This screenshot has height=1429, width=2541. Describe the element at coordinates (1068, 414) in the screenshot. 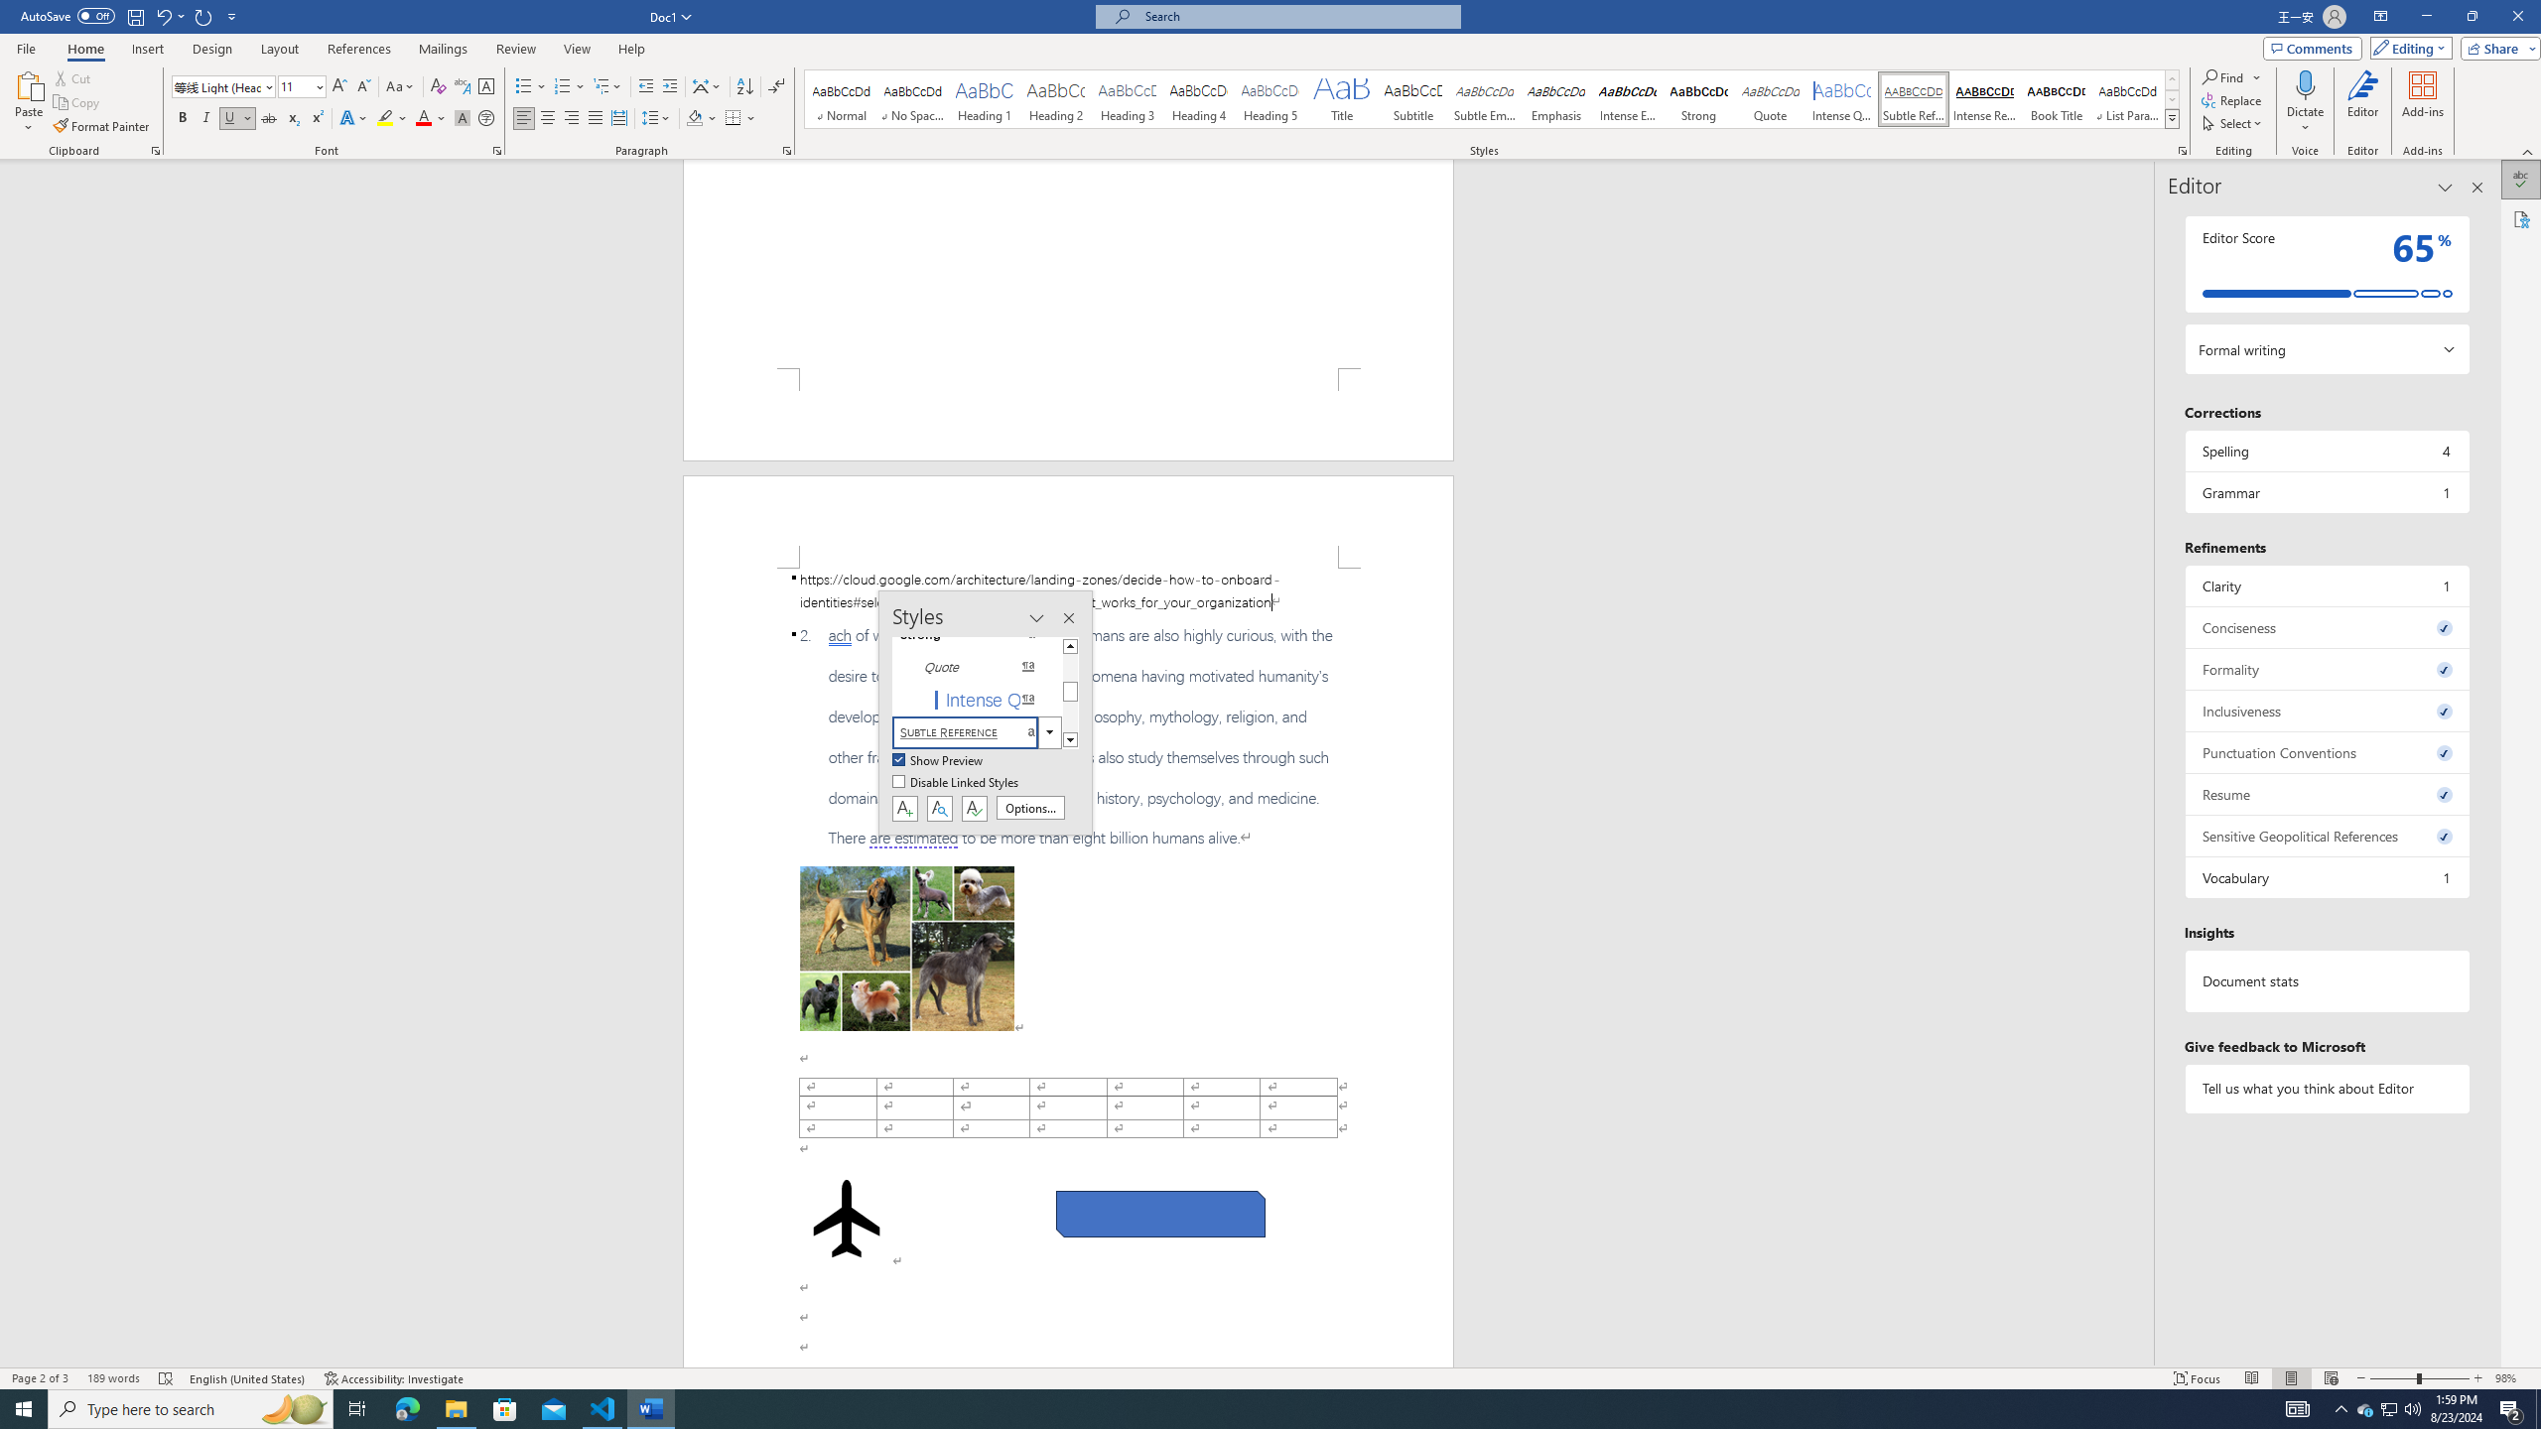

I see `'Footer -Section 1-'` at that location.